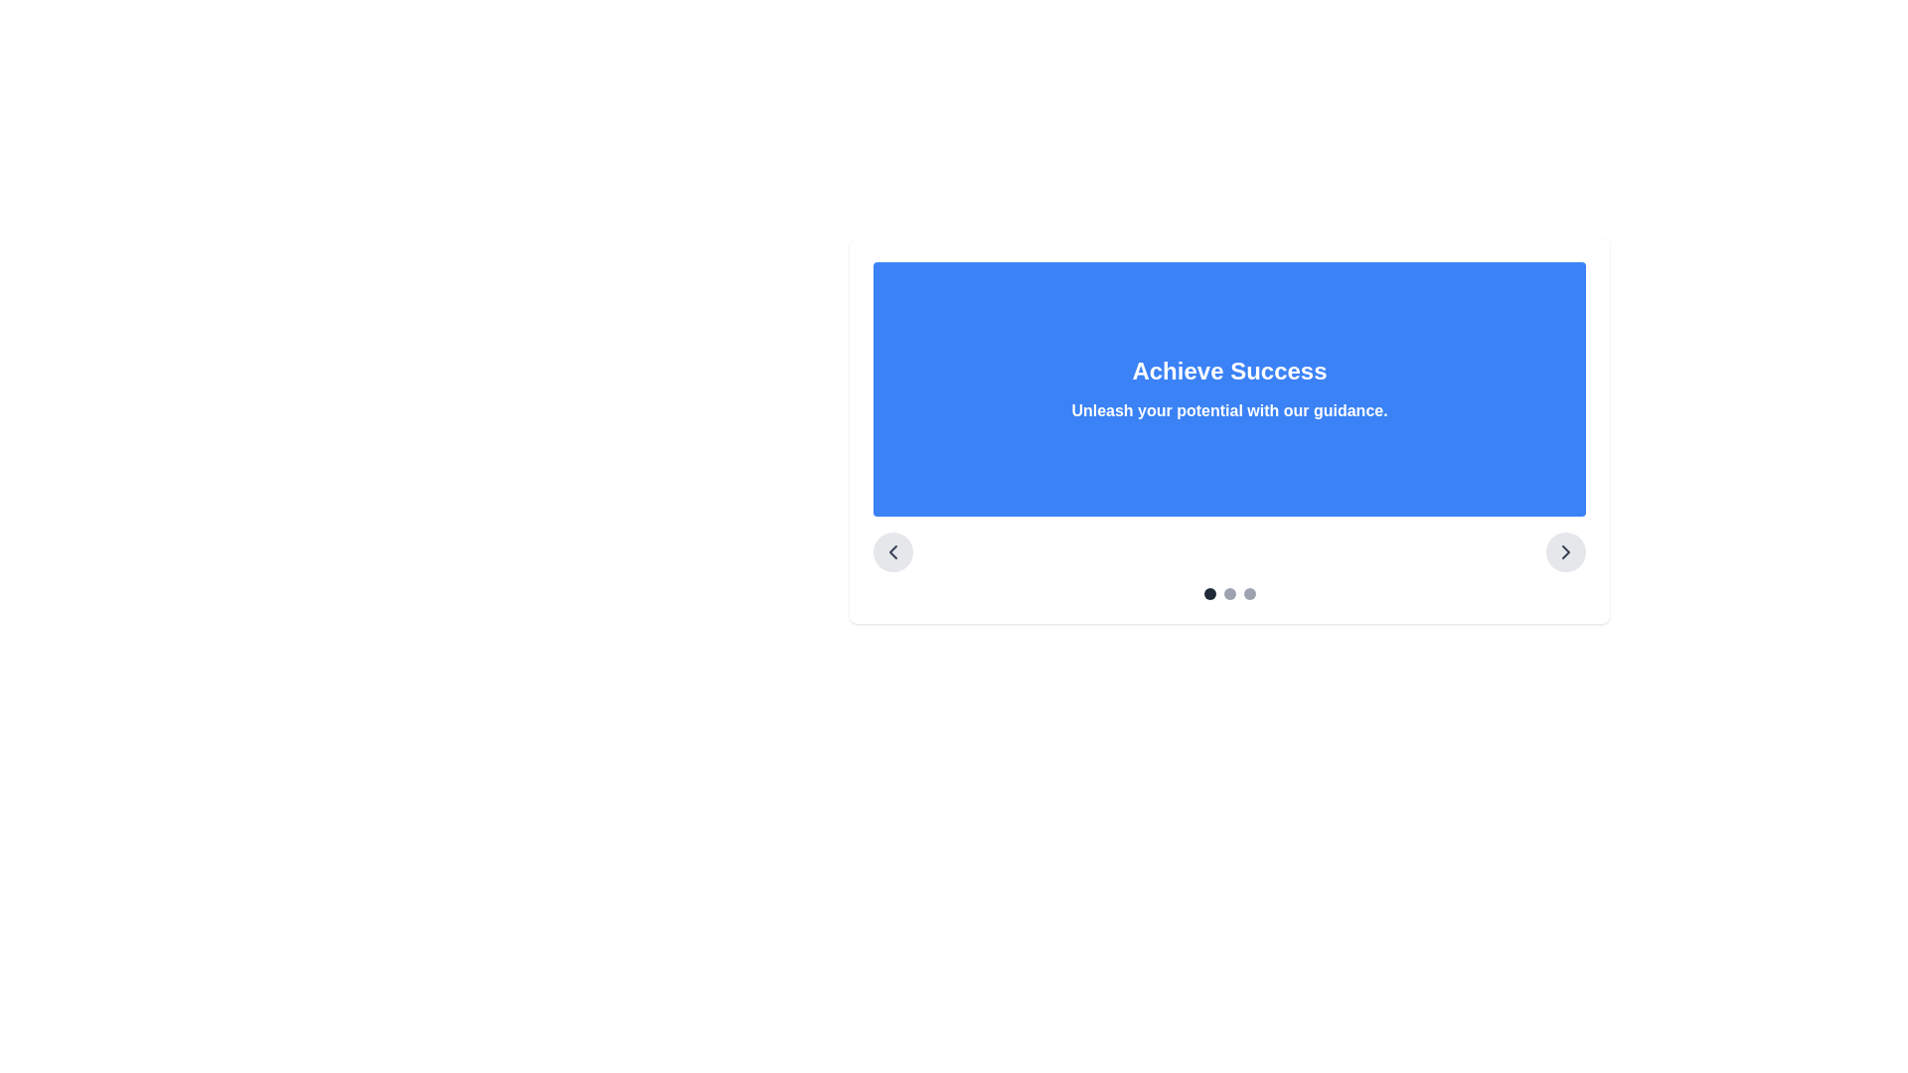  Describe the element at coordinates (1228, 389) in the screenshot. I see `the Informational banner with the message 'Achieve Success' that has a blue background and displays a bold, white message` at that location.